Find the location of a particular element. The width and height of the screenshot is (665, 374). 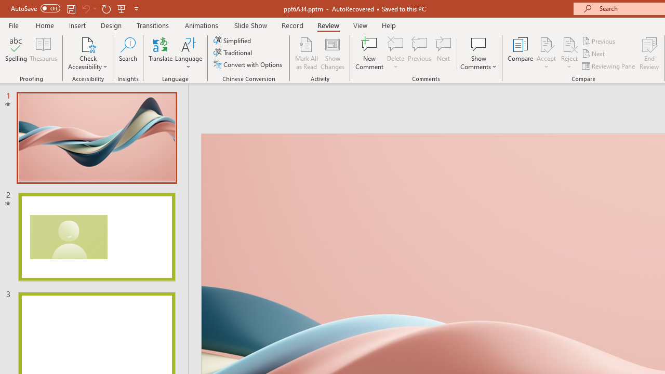

'Reject' is located at coordinates (569, 54).